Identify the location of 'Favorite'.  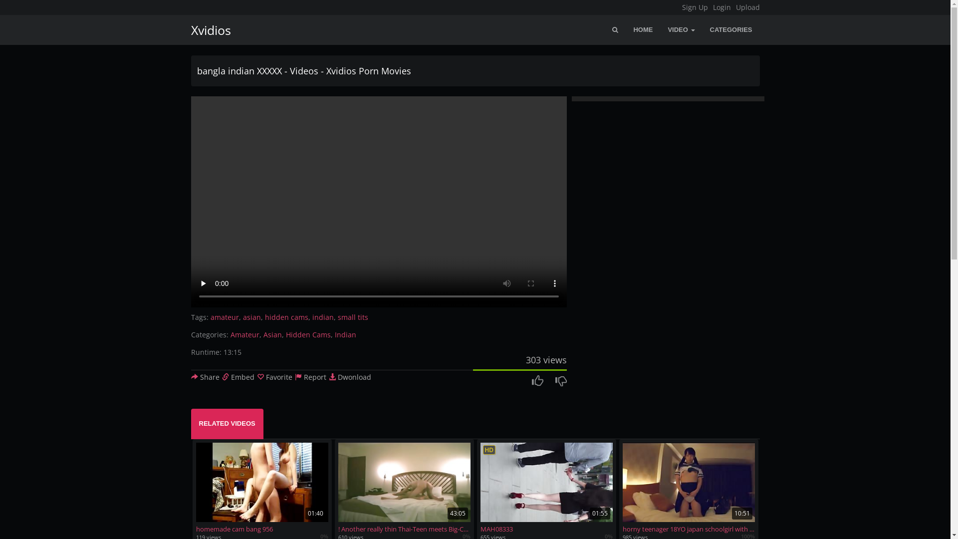
(274, 377).